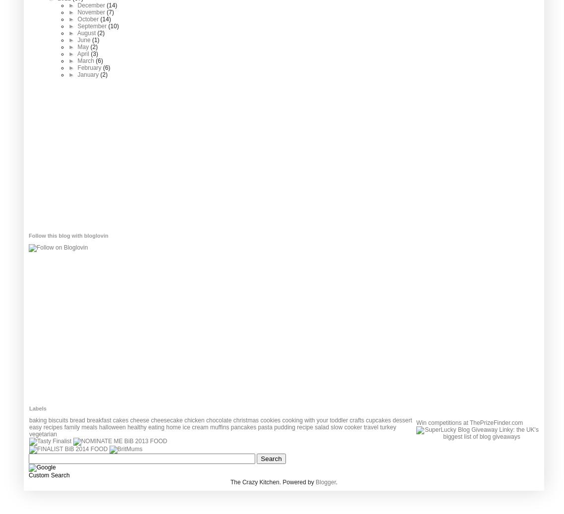  What do you see at coordinates (91, 5) in the screenshot?
I see `'December'` at bounding box center [91, 5].